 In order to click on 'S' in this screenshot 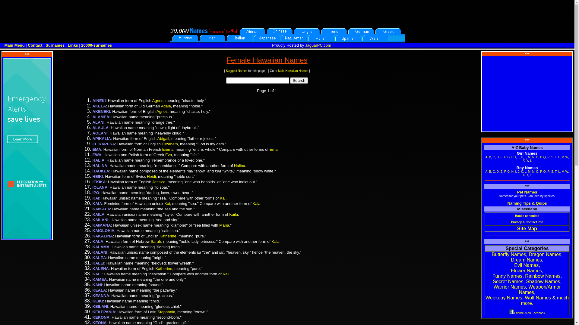, I will do `click(551, 157)`.